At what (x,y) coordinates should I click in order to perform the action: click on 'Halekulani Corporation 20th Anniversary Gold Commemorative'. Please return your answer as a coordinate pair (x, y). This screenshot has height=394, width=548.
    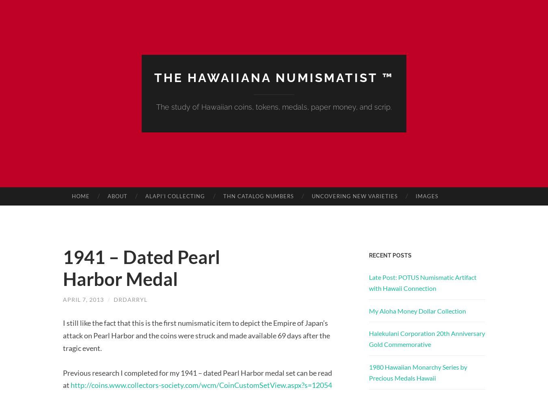
    Looking at the image, I should click on (427, 338).